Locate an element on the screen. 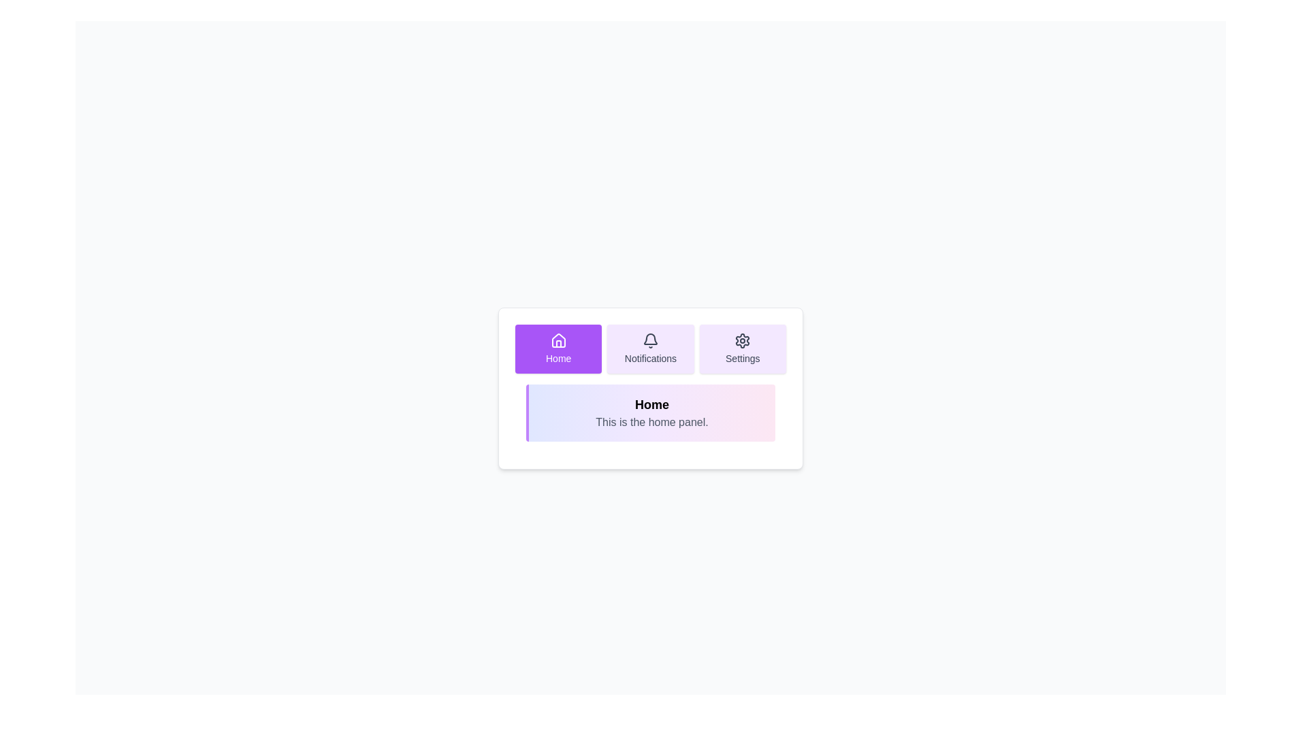 The width and height of the screenshot is (1307, 735). the third button from the left in the horizontal list, which navigates to the settings panel is located at coordinates (742, 348).